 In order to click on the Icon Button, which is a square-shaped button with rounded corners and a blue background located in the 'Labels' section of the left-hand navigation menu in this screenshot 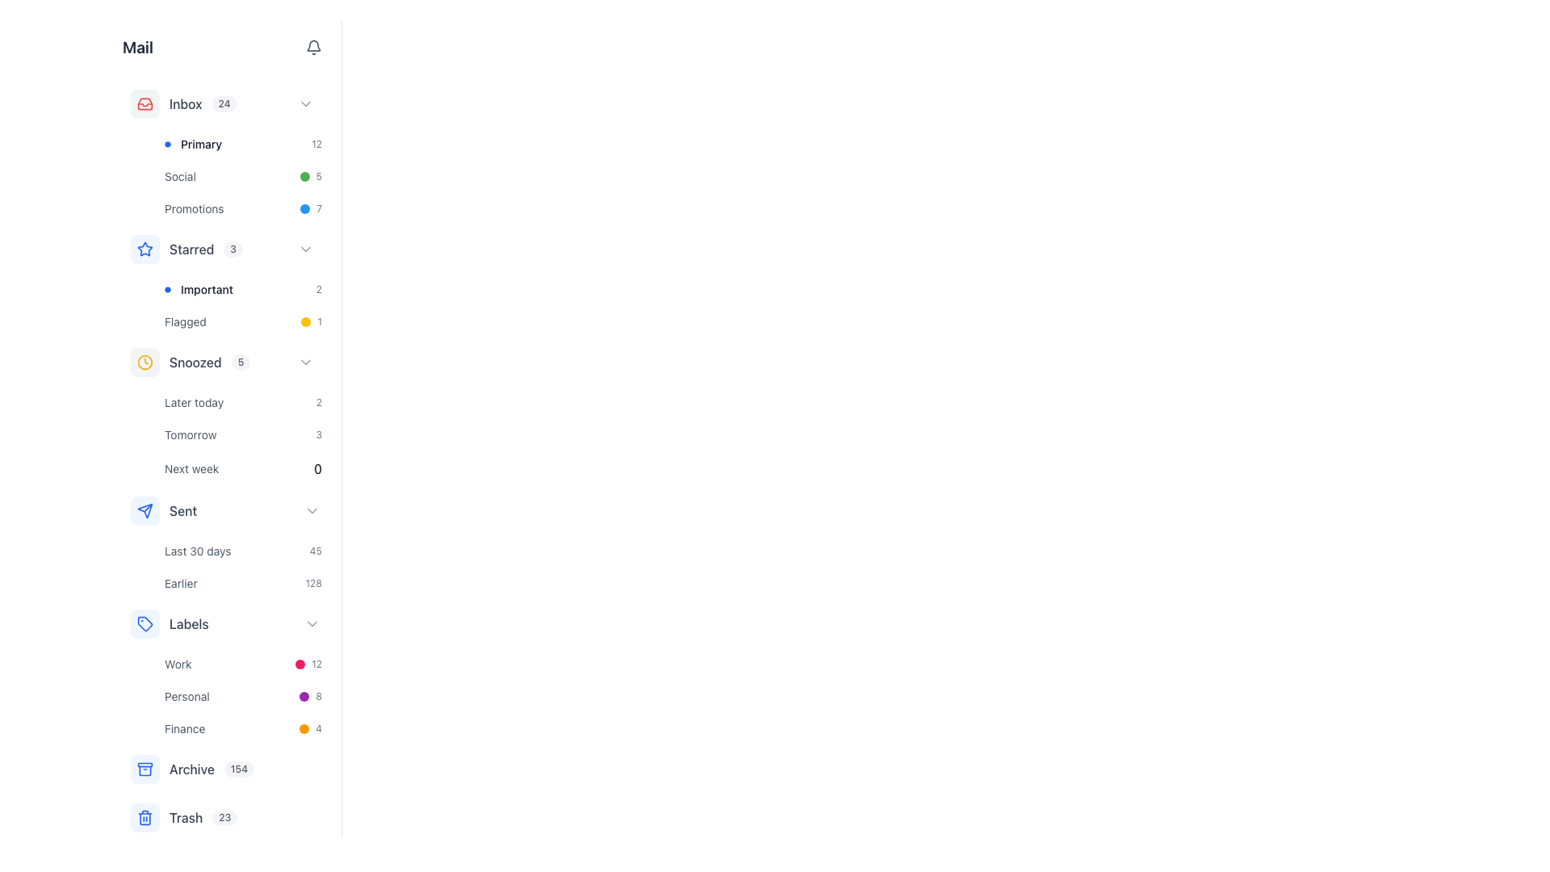, I will do `click(145, 623)`.